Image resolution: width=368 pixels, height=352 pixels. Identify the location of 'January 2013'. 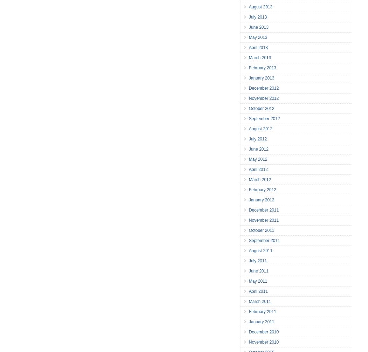
(249, 78).